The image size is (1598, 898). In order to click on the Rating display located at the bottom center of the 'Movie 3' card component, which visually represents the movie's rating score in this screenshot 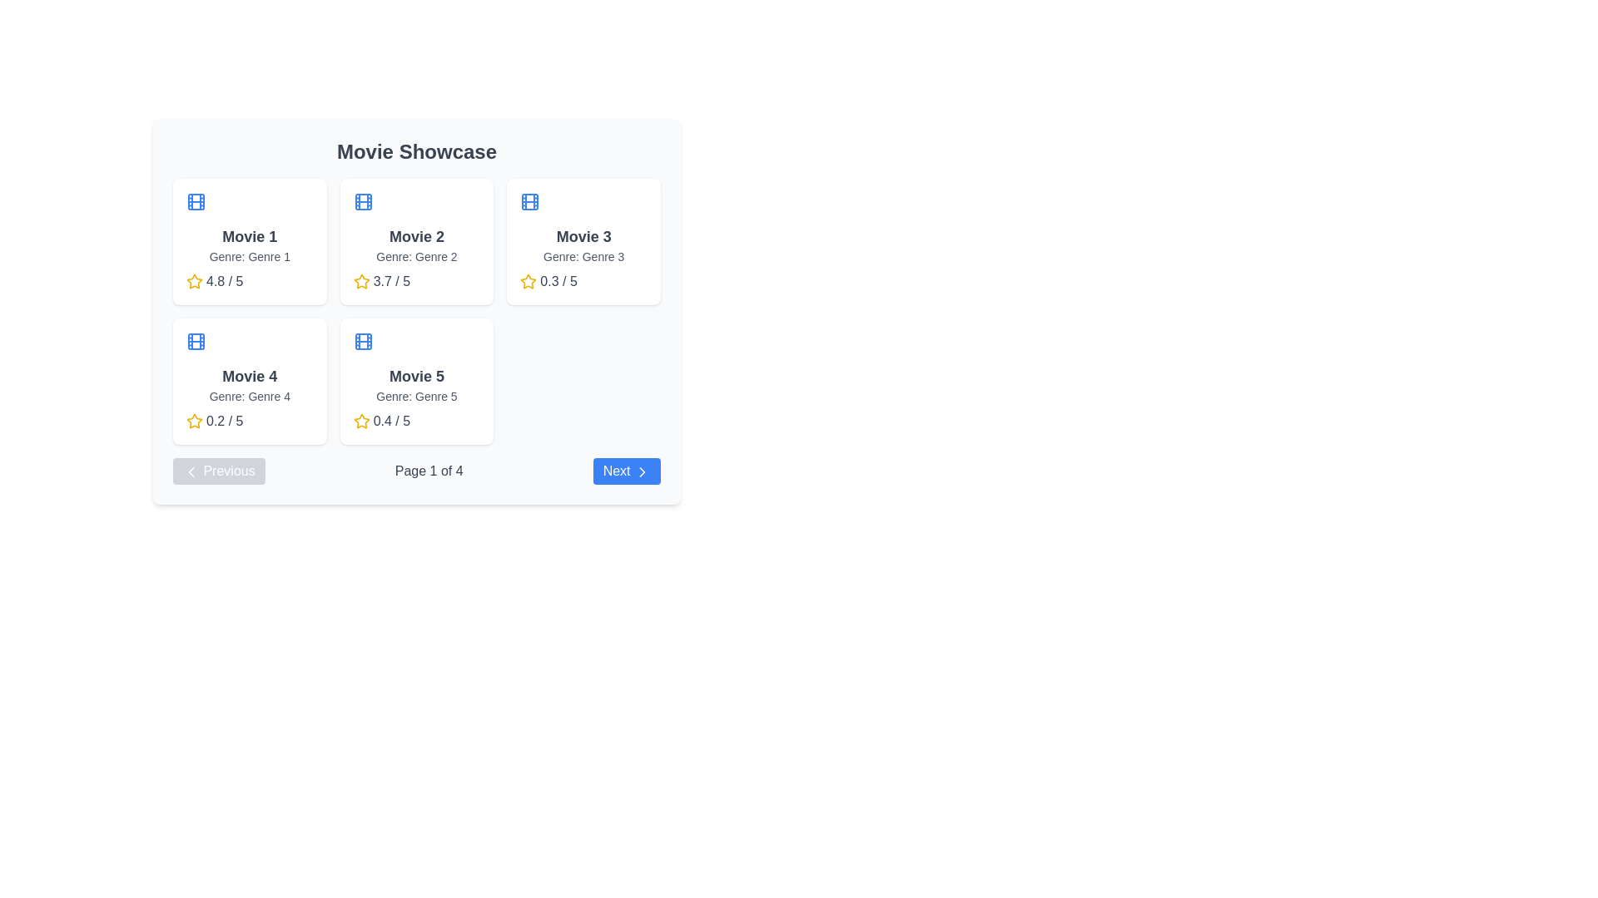, I will do `click(583, 281)`.